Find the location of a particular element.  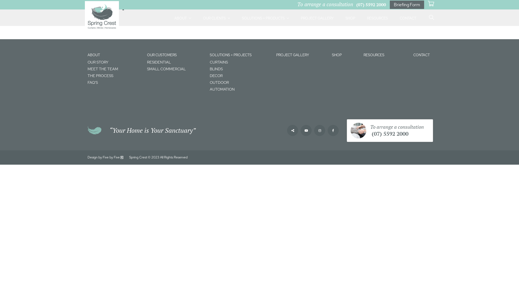

'OUTDOOR' is located at coordinates (240, 82).